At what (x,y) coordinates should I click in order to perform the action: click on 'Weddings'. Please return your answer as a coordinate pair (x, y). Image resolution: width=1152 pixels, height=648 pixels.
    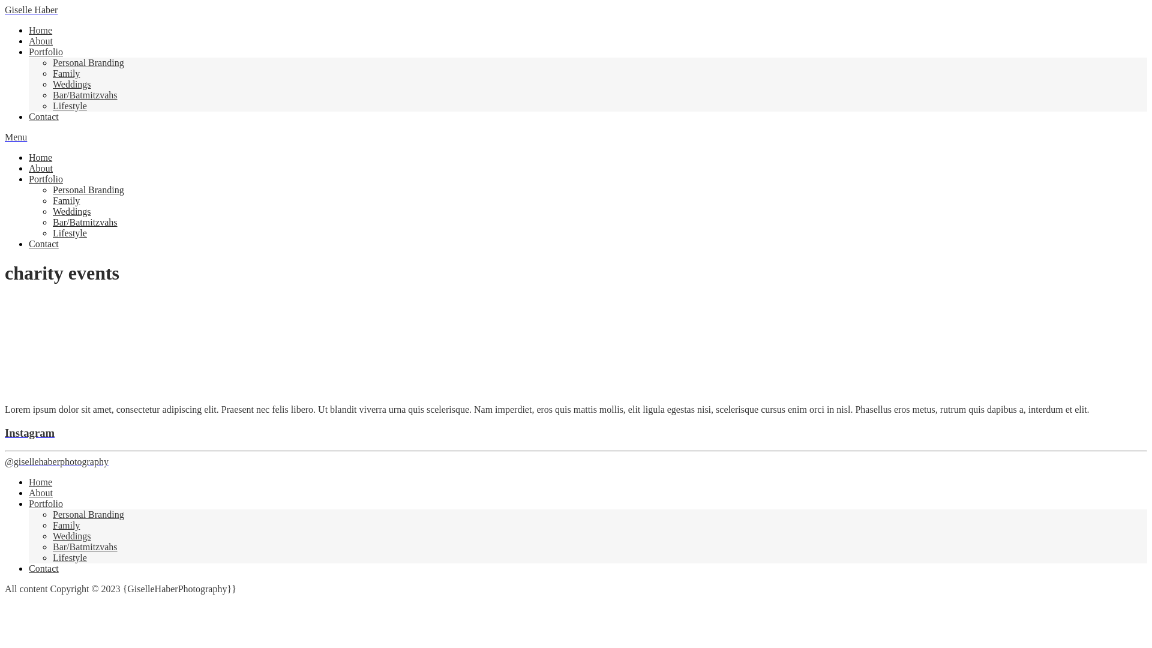
    Looking at the image, I should click on (71, 535).